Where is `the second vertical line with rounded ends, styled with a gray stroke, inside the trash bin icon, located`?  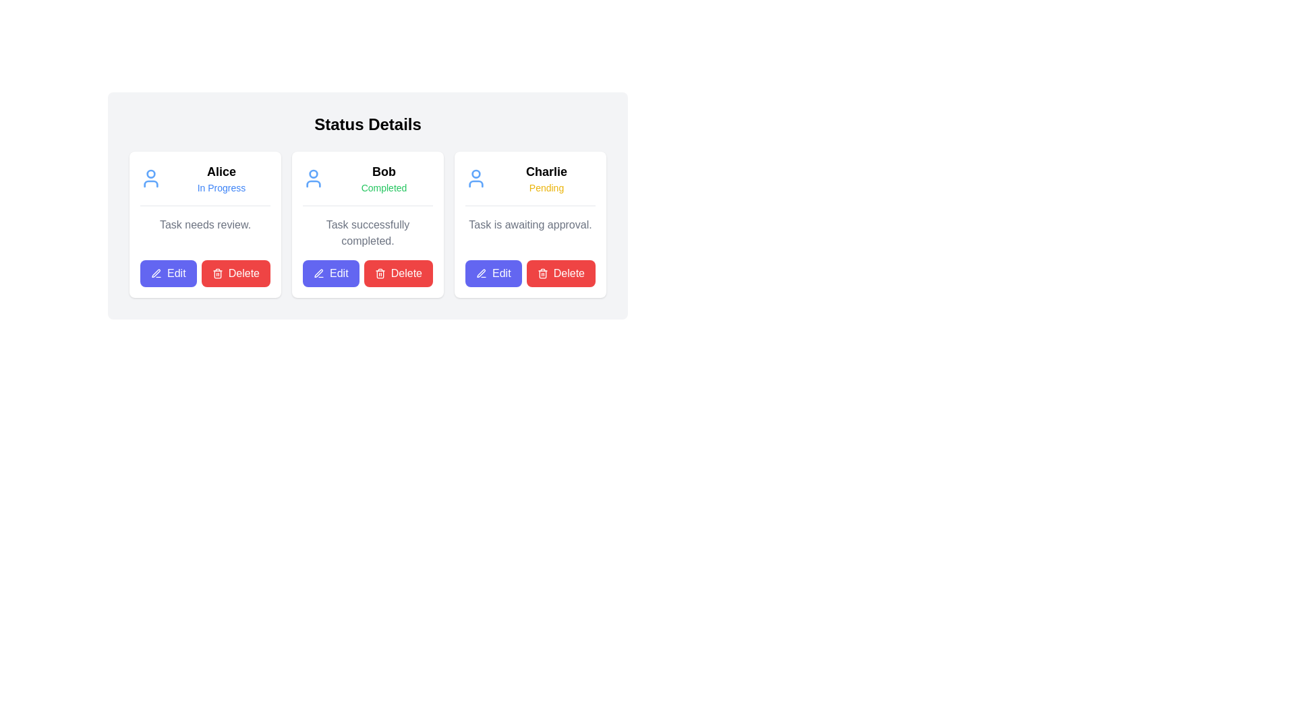
the second vertical line with rounded ends, styled with a gray stroke, inside the trash bin icon, located is located at coordinates (542, 274).